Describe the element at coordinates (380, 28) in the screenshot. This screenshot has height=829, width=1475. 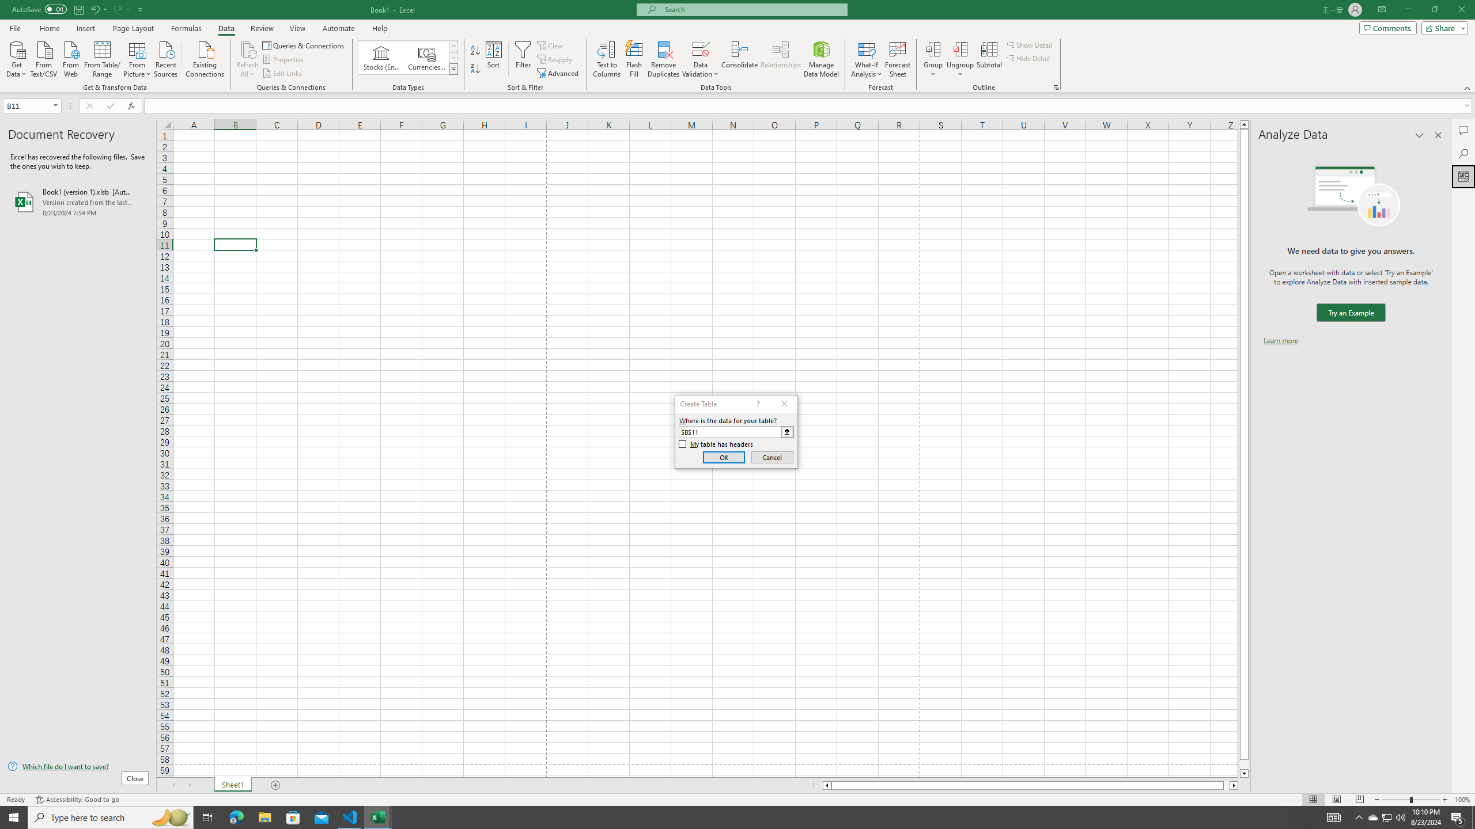
I see `'Help'` at that location.